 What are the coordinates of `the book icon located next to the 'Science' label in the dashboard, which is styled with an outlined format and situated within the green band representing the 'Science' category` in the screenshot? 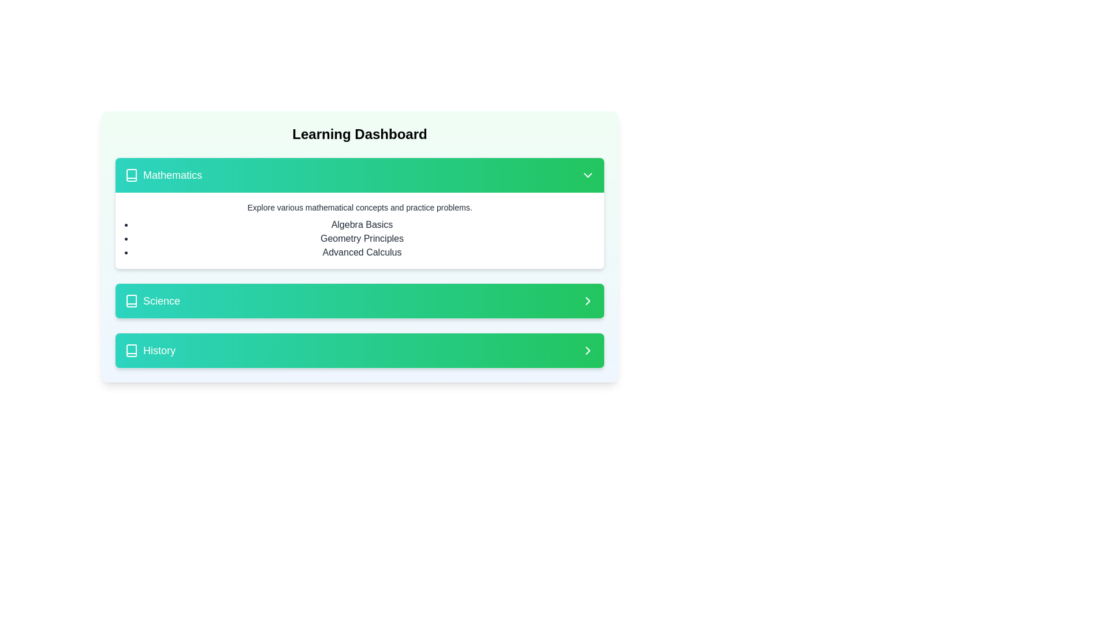 It's located at (131, 300).